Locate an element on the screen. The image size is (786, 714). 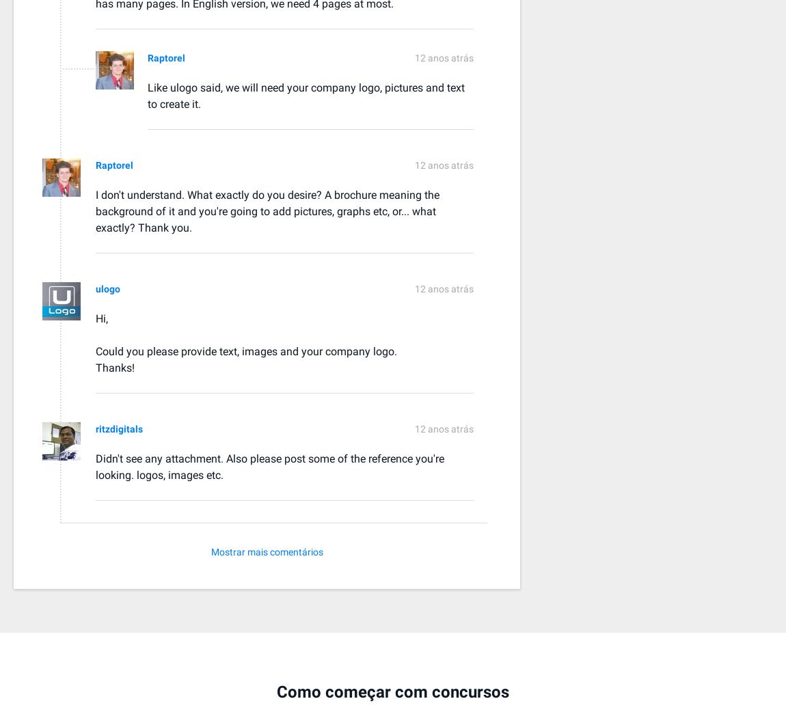
'Hi,' is located at coordinates (101, 317).